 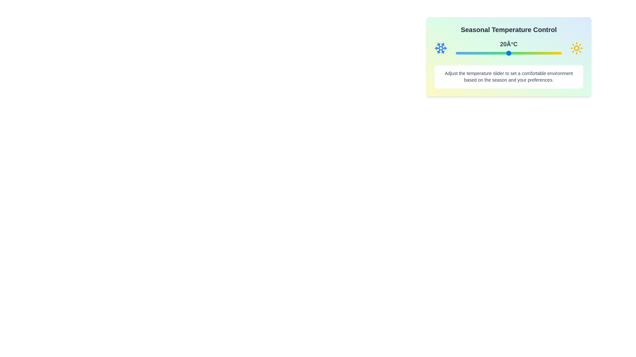 What do you see at coordinates (495, 53) in the screenshot?
I see `the temperature slider to set the temperature to 12°C` at bounding box center [495, 53].